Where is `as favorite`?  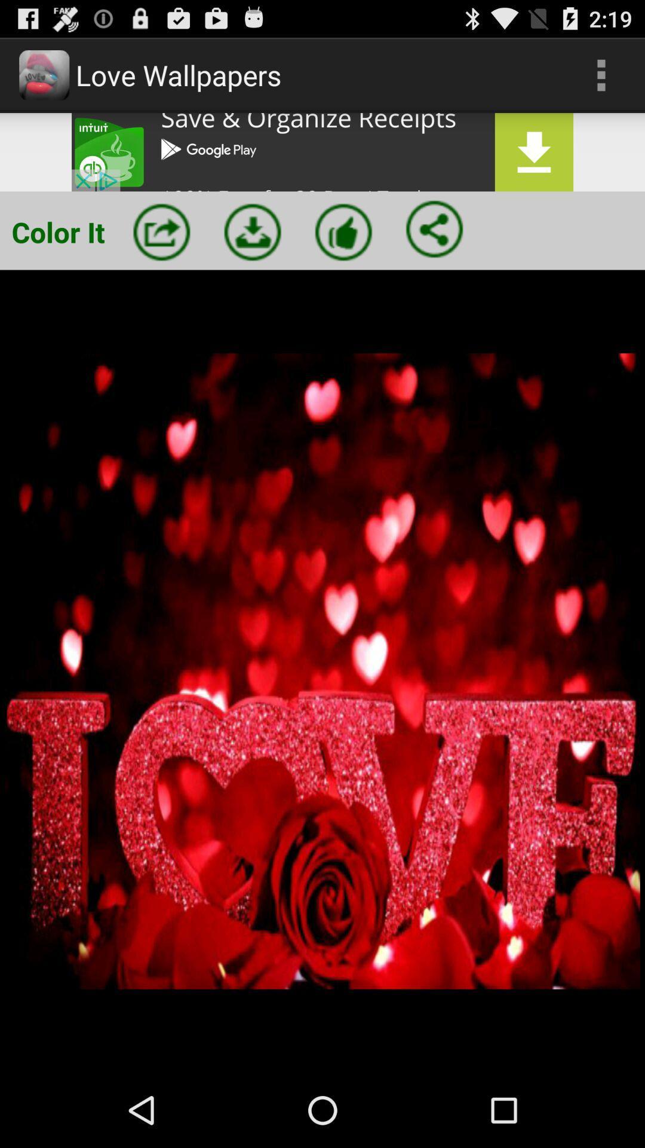
as favorite is located at coordinates (343, 232).